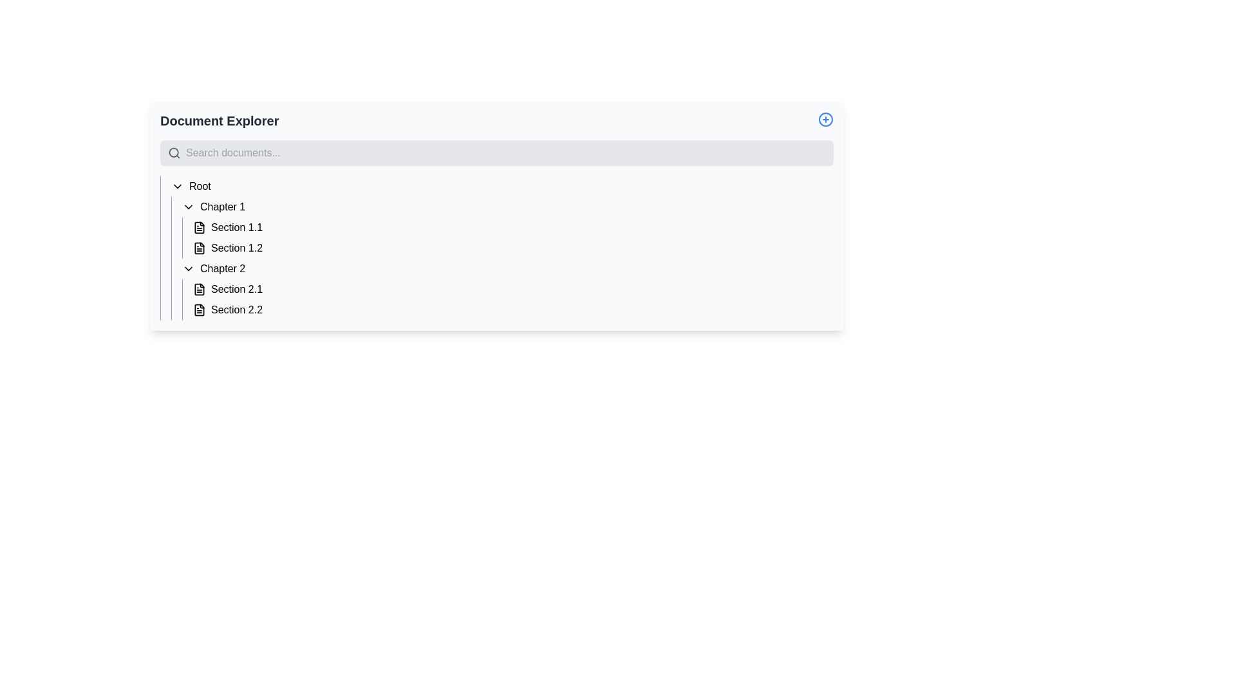 Image resolution: width=1236 pixels, height=695 pixels. What do you see at coordinates (199, 186) in the screenshot?
I see `the text label that serves as the title for the root node of the document tree structure, positioned between a chevron icon and additional entries` at bounding box center [199, 186].